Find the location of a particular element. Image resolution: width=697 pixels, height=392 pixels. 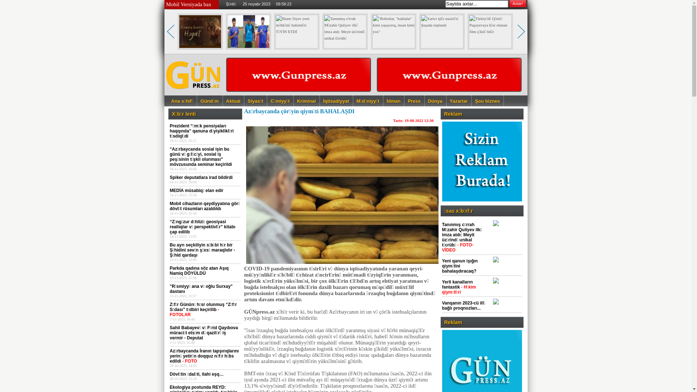

'Press' is located at coordinates (414, 101).